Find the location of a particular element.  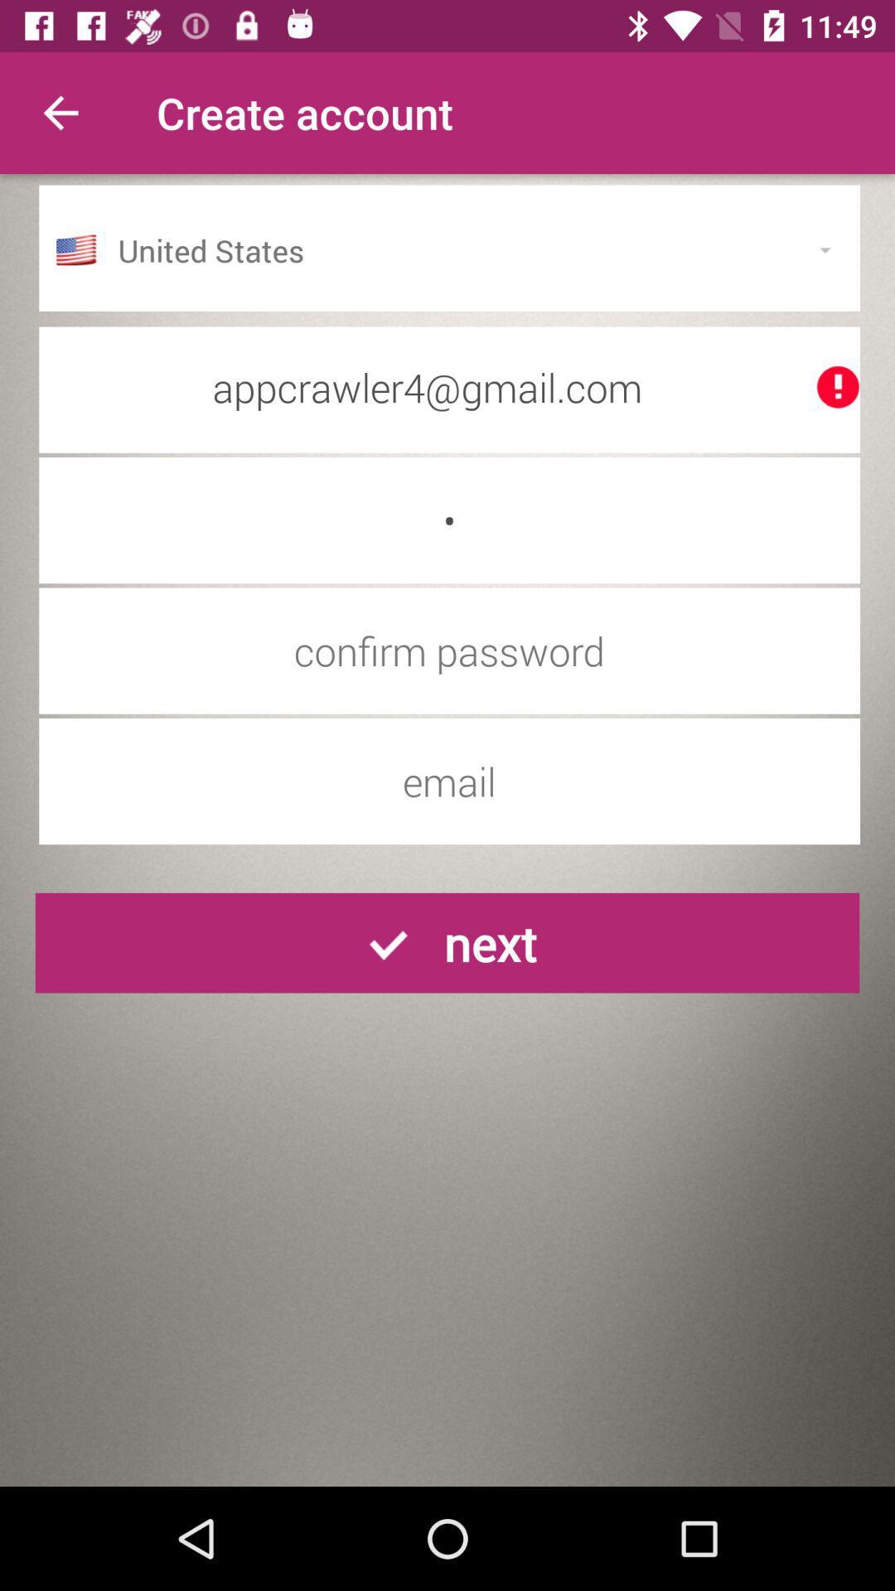

icon above united states icon is located at coordinates (60, 112).